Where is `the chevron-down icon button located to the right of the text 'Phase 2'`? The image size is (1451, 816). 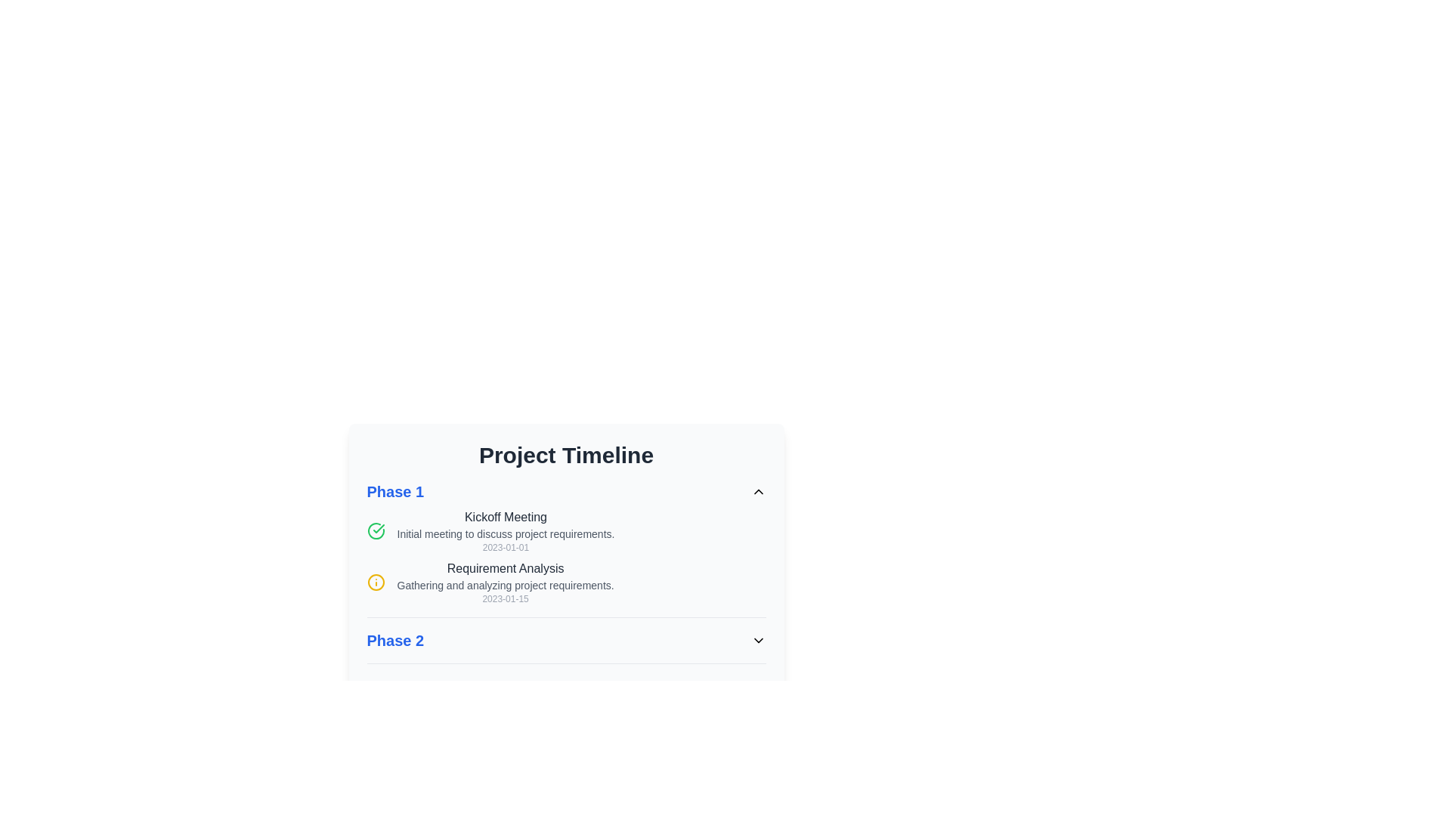 the chevron-down icon button located to the right of the text 'Phase 2' is located at coordinates (758, 641).